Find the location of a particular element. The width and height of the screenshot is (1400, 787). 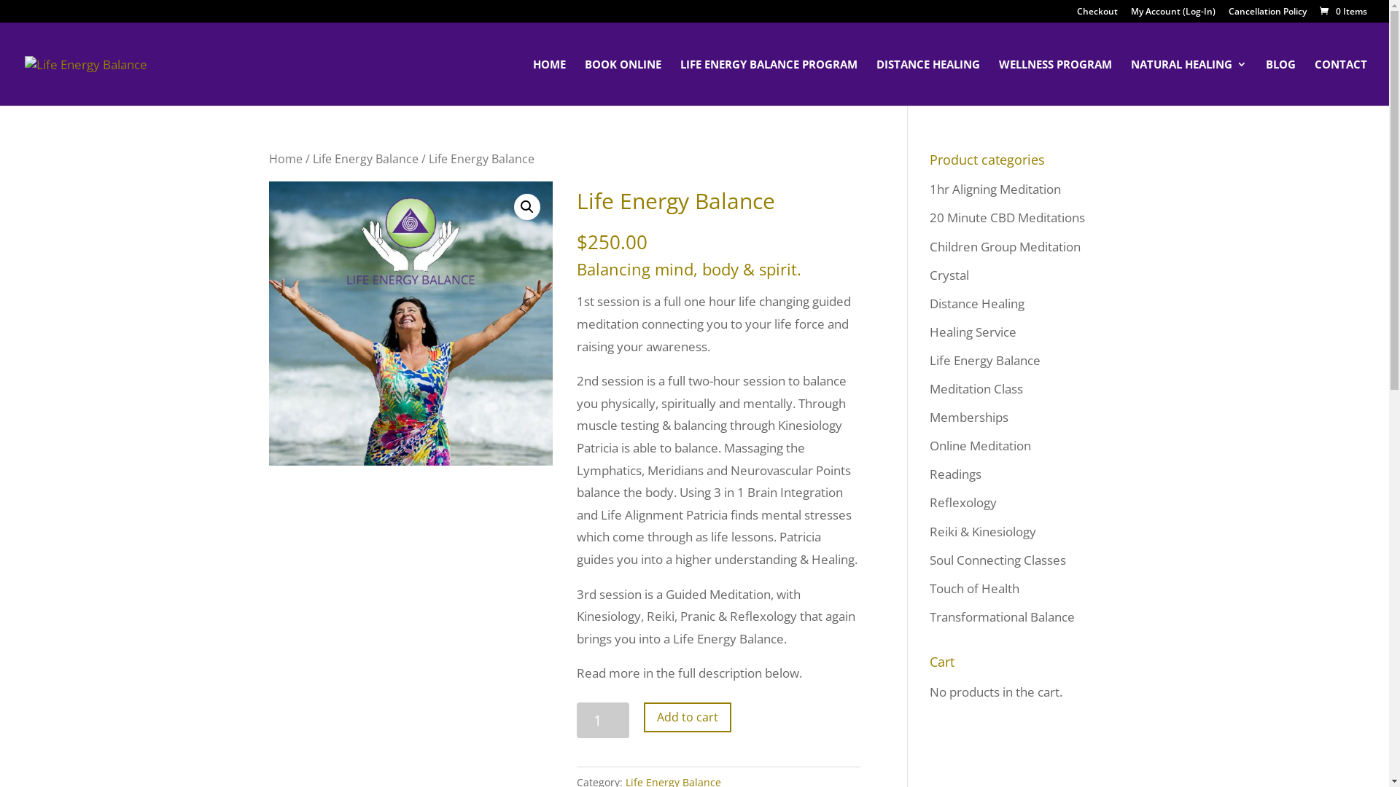

'Memberships' is located at coordinates (968, 417).